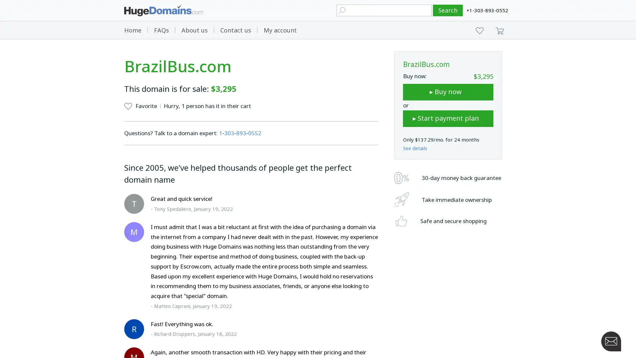 The image size is (636, 358). What do you see at coordinates (448, 10) in the screenshot?
I see `Search` at bounding box center [448, 10].